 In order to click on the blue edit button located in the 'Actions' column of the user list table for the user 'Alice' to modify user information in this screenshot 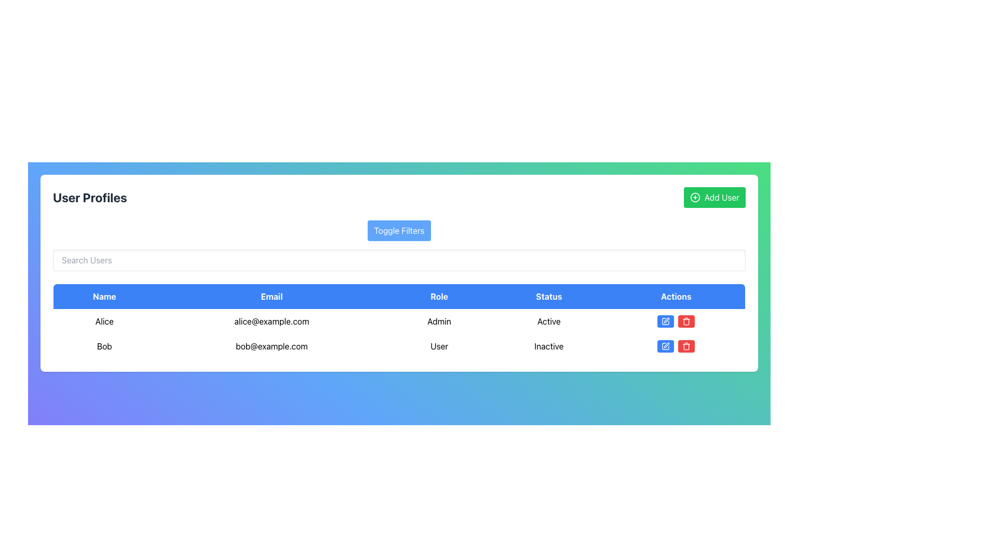, I will do `click(676, 321)`.